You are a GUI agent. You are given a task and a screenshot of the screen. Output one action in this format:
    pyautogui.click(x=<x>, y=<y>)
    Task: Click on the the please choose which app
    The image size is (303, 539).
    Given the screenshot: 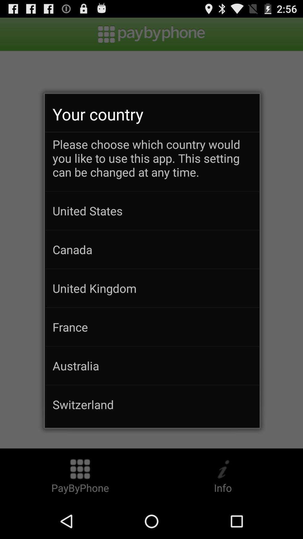 What is the action you would take?
    pyautogui.click(x=152, y=163)
    